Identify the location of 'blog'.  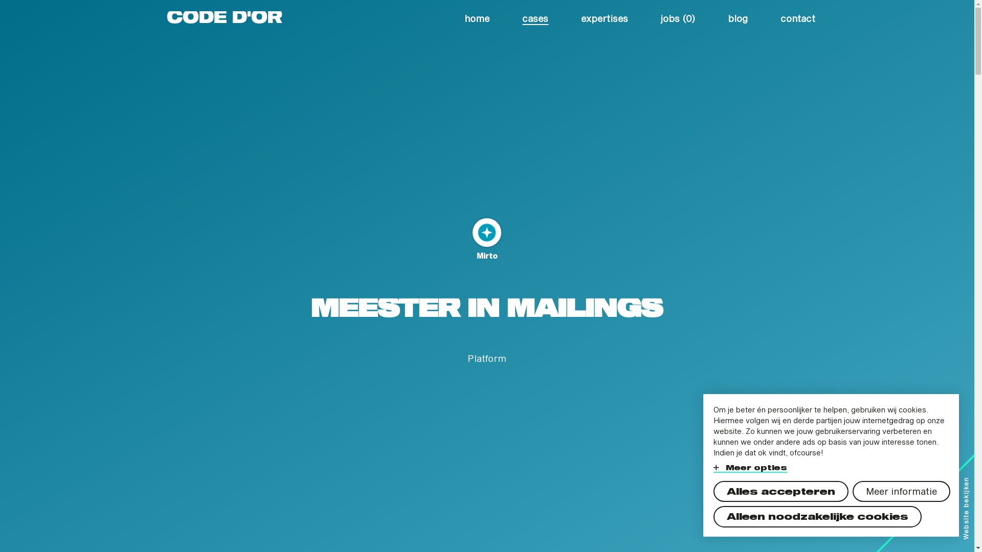
(738, 16).